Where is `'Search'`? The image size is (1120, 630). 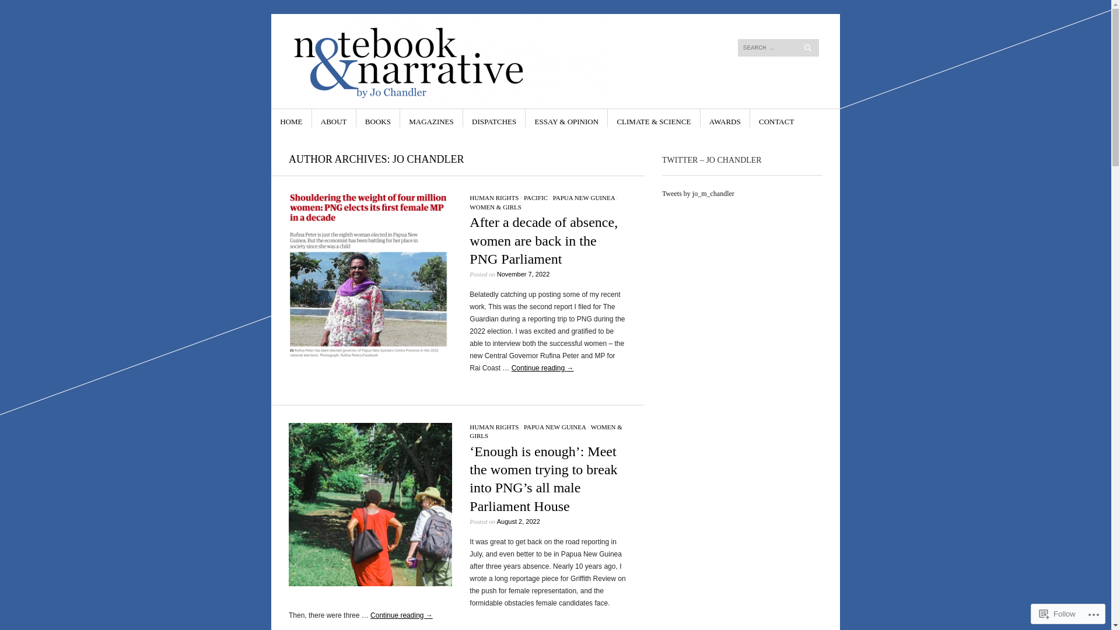 'Search' is located at coordinates (66, 9).